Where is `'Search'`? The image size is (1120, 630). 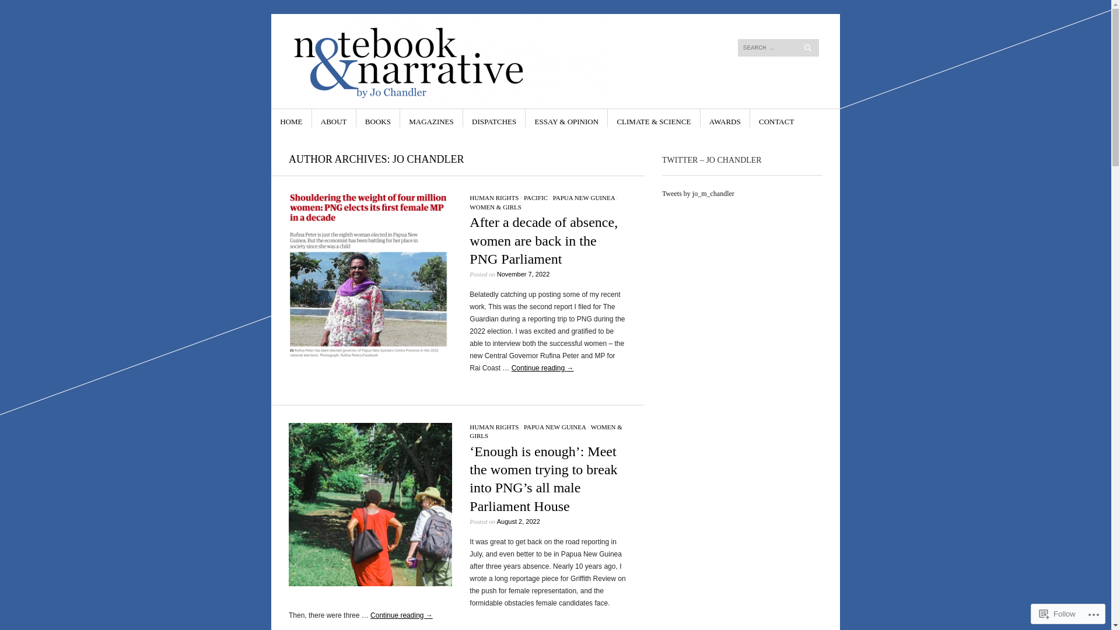 'Search' is located at coordinates (66, 9).